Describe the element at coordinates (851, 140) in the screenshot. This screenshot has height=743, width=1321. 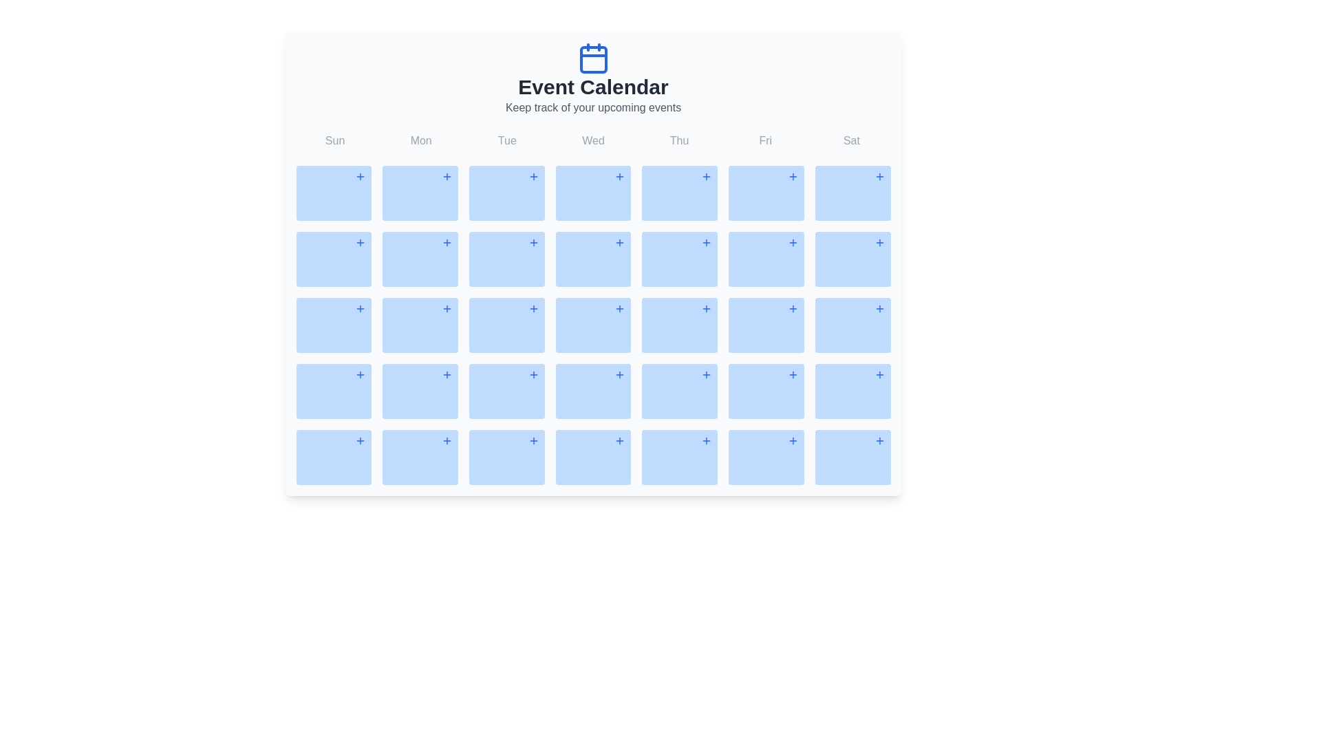
I see `the center-aligned text label displaying 'Sat' in gray color, located at the top-right corner of the grid layout` at that location.